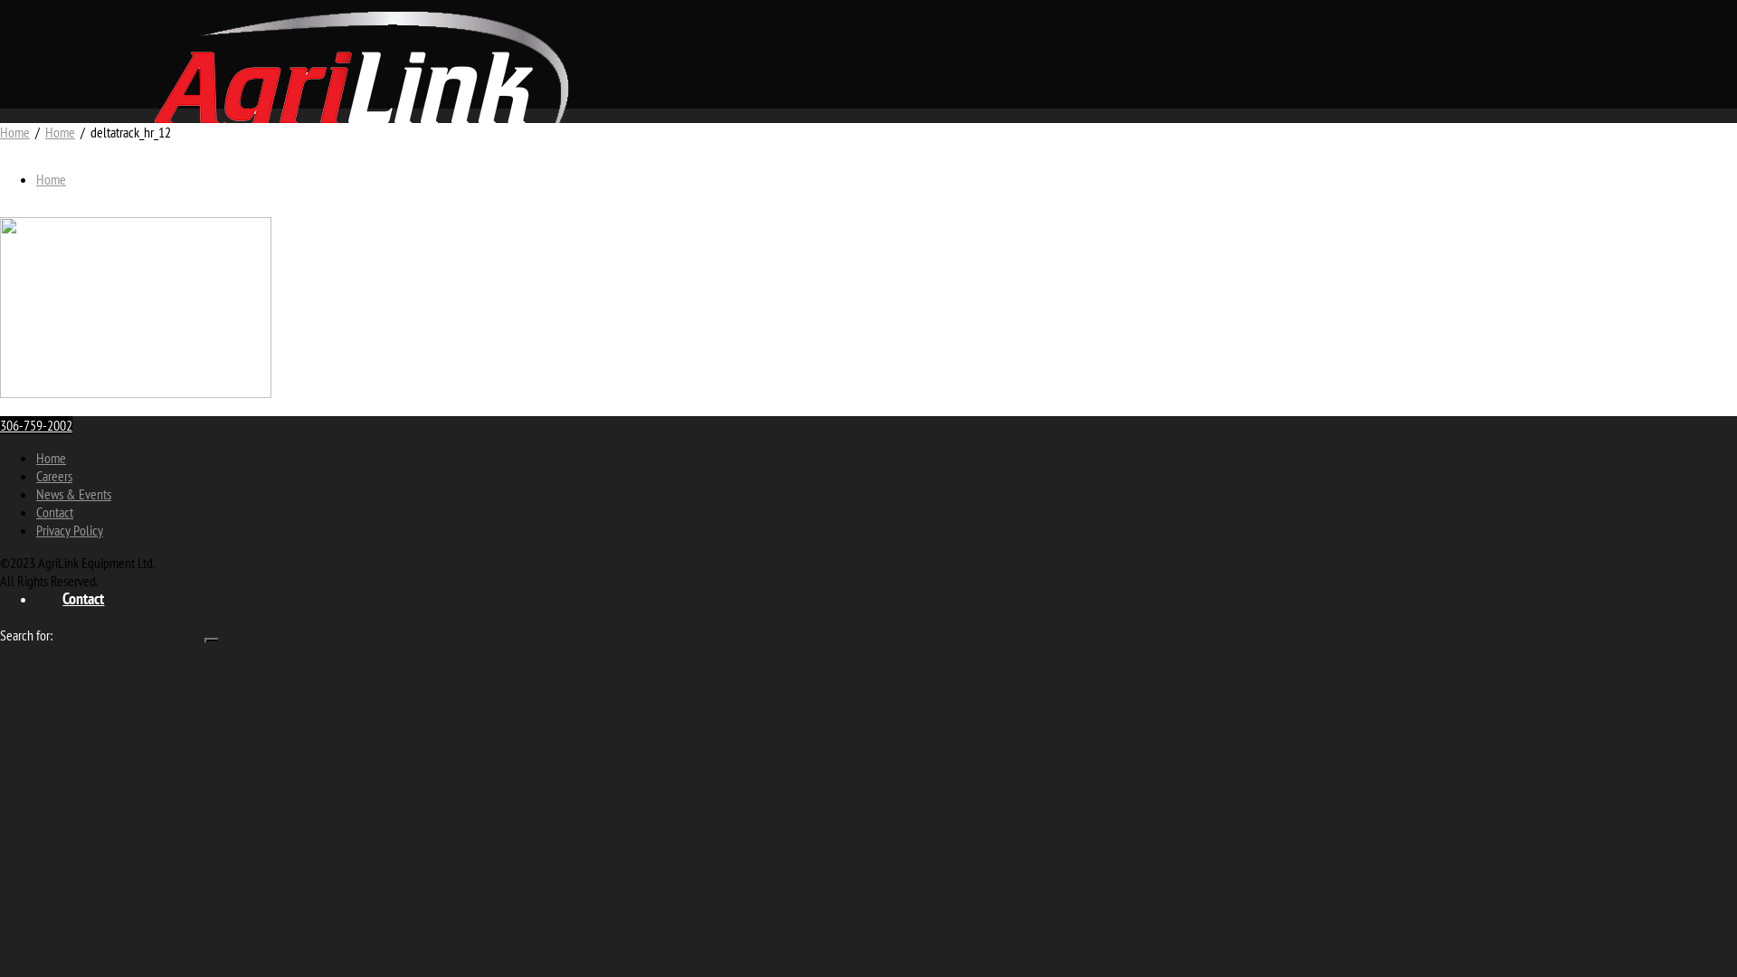 The height and width of the screenshot is (977, 1737). I want to click on 'Careers', so click(53, 474).